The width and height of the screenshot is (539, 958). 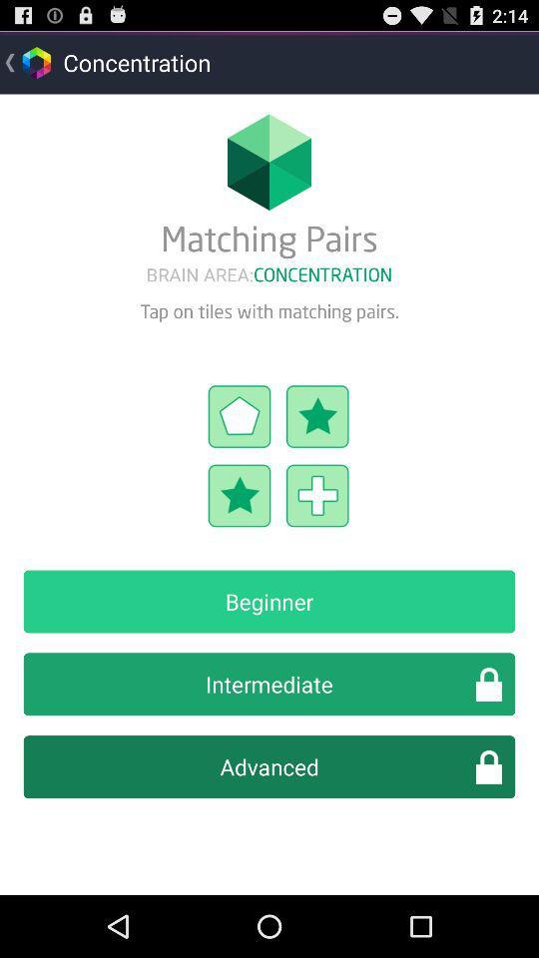 I want to click on beginner icon, so click(x=269, y=600).